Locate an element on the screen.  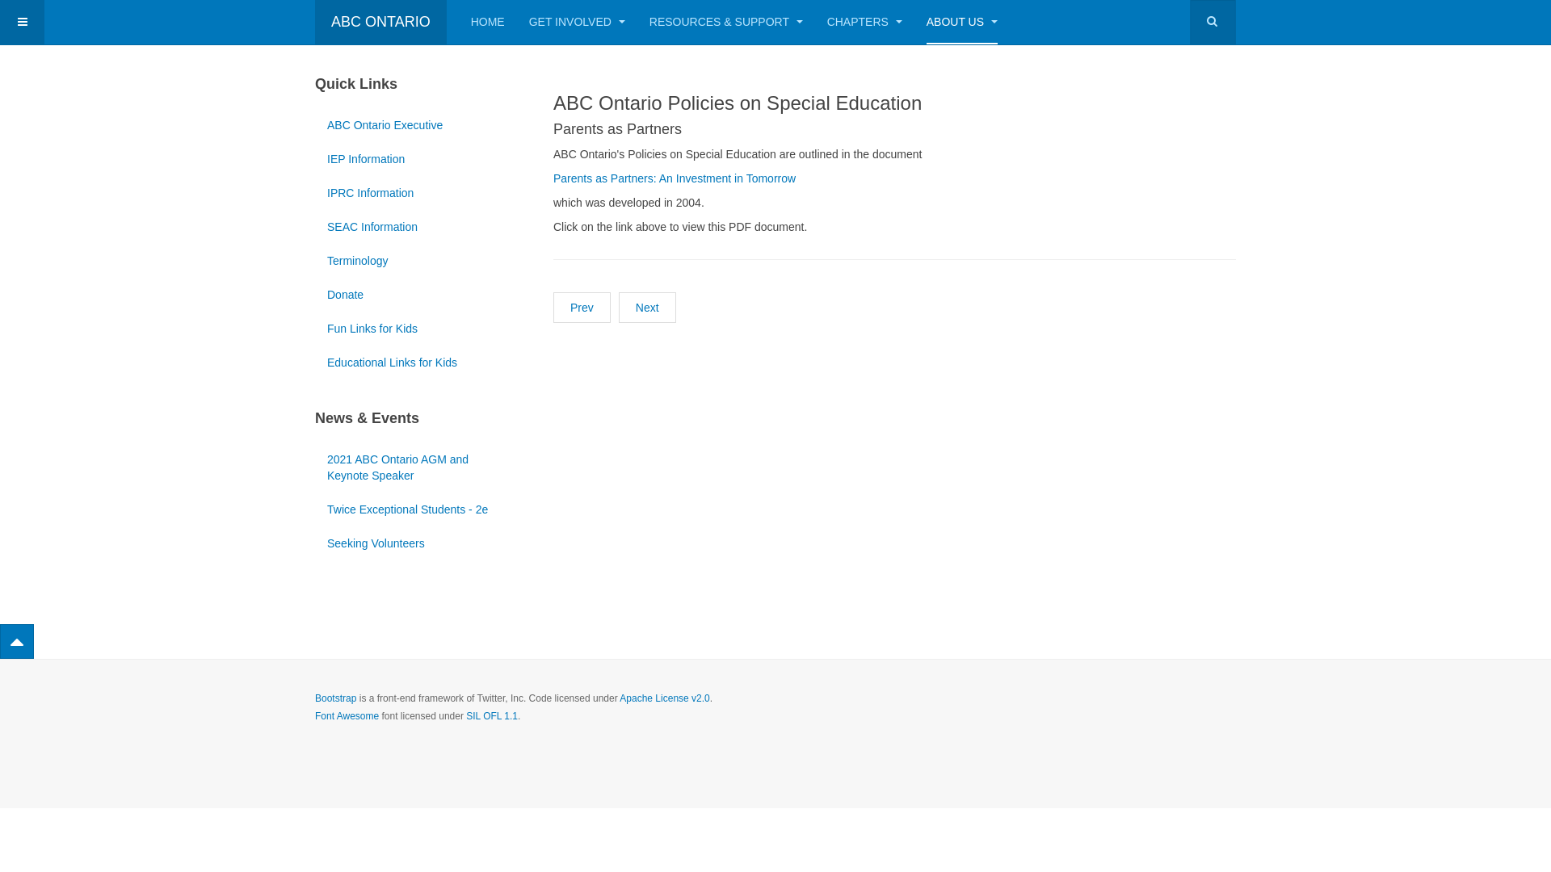
'GET INVOLVED' is located at coordinates (577, 22).